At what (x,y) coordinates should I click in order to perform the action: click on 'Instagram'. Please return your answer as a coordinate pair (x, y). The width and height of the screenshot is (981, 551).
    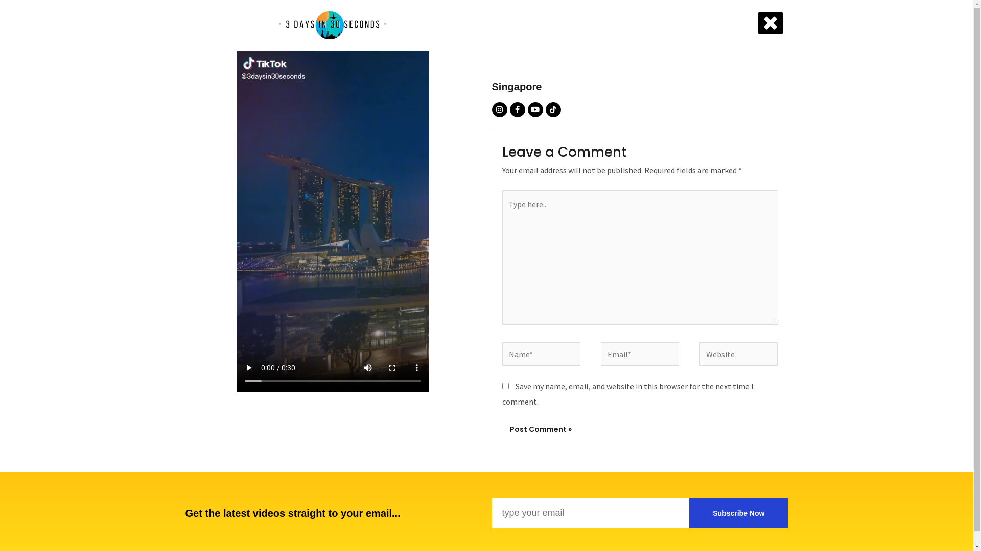
    Looking at the image, I should click on (499, 110).